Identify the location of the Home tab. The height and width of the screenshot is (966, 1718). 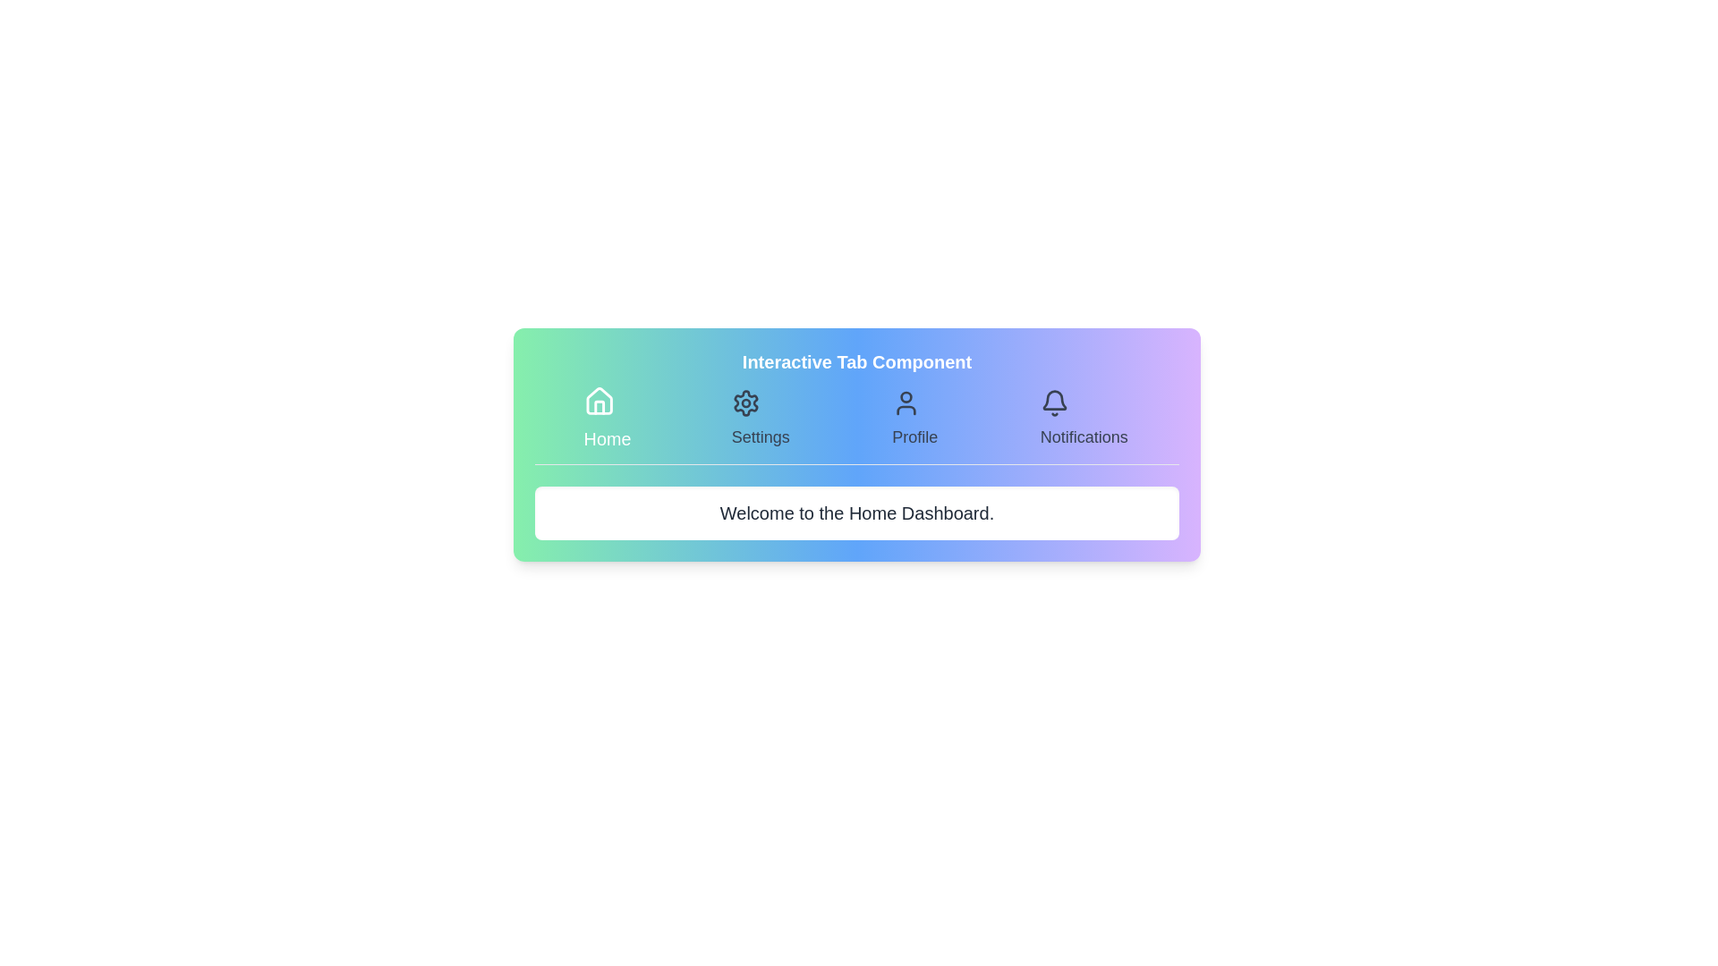
(607, 419).